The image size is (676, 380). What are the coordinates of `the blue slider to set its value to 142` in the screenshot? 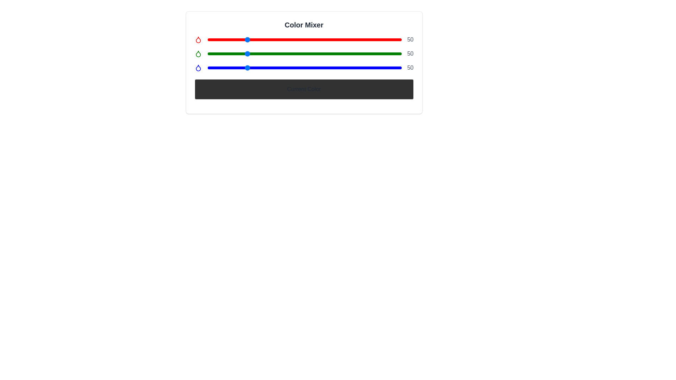 It's located at (315, 68).